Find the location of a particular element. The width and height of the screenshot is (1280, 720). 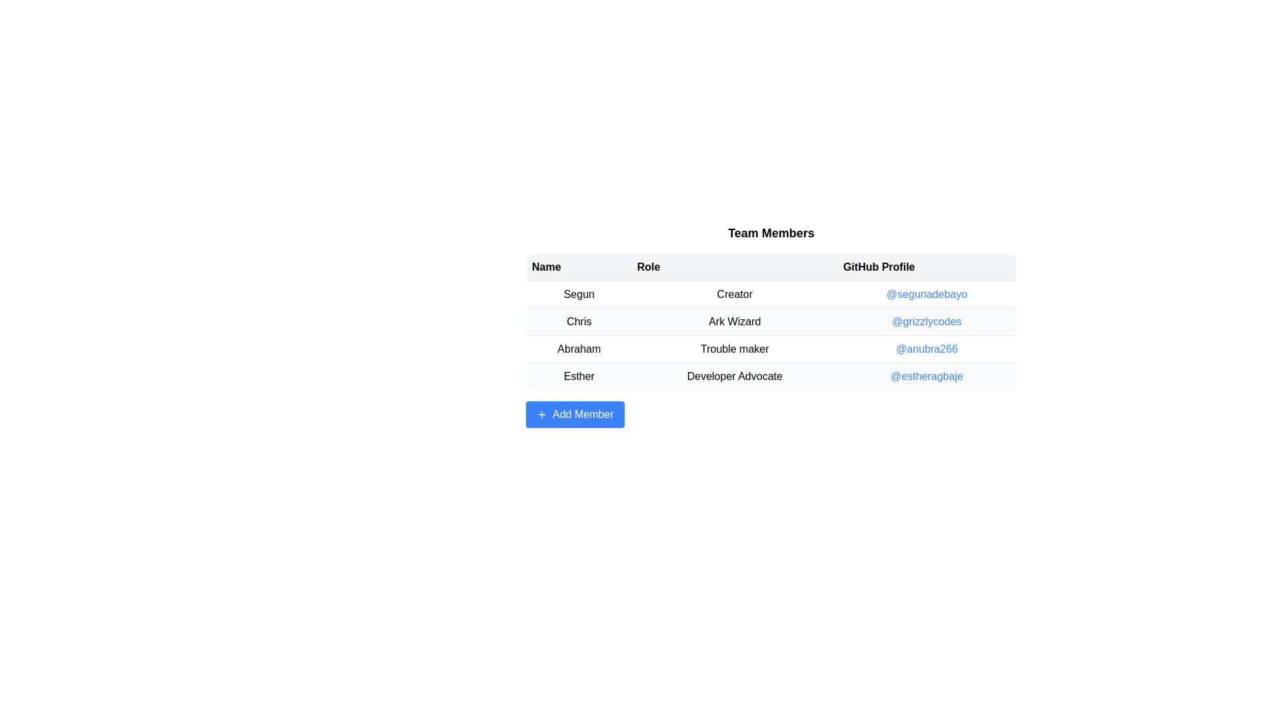

the hyperlink that redirects users to the GitHub profile of '@grizzlycodes', located in the 'Team Members' column, specifically under the entry for 'Chris Ark Wizard' is located at coordinates (926, 321).